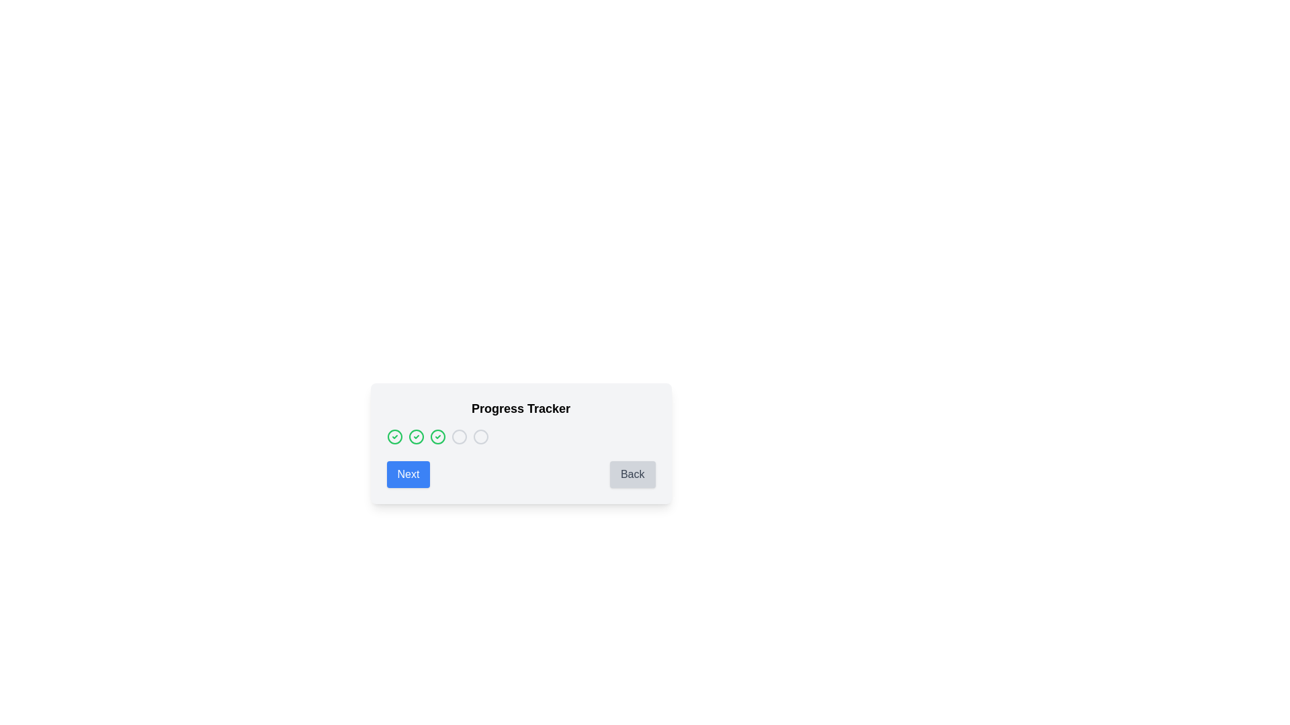 This screenshot has height=725, width=1290. What do you see at coordinates (394, 437) in the screenshot?
I see `the state of the green circular icon with a checkmark, which is the first progress indicator in a series of icons` at bounding box center [394, 437].